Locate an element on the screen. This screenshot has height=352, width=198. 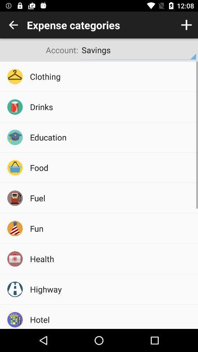
switch previous page is located at coordinates (13, 25).